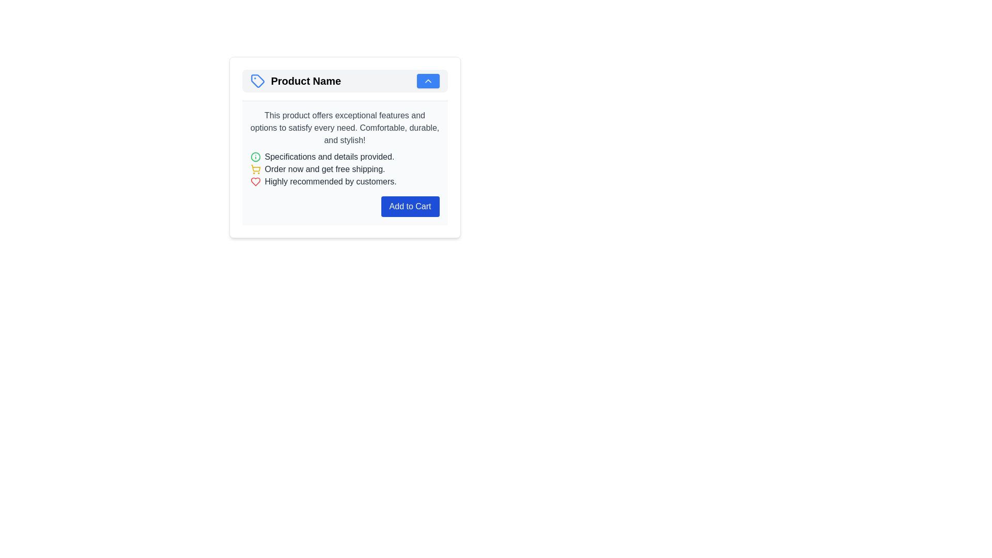 This screenshot has height=558, width=992. Describe the element at coordinates (257, 81) in the screenshot. I see `the blue tag icon located to the left of the 'Product Name' title heading in the header section of the card` at that location.